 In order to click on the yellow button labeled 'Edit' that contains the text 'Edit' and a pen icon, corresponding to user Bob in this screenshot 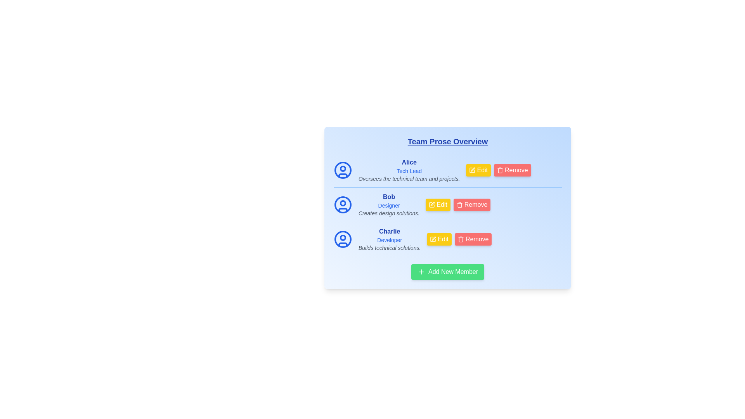, I will do `click(441, 204)`.